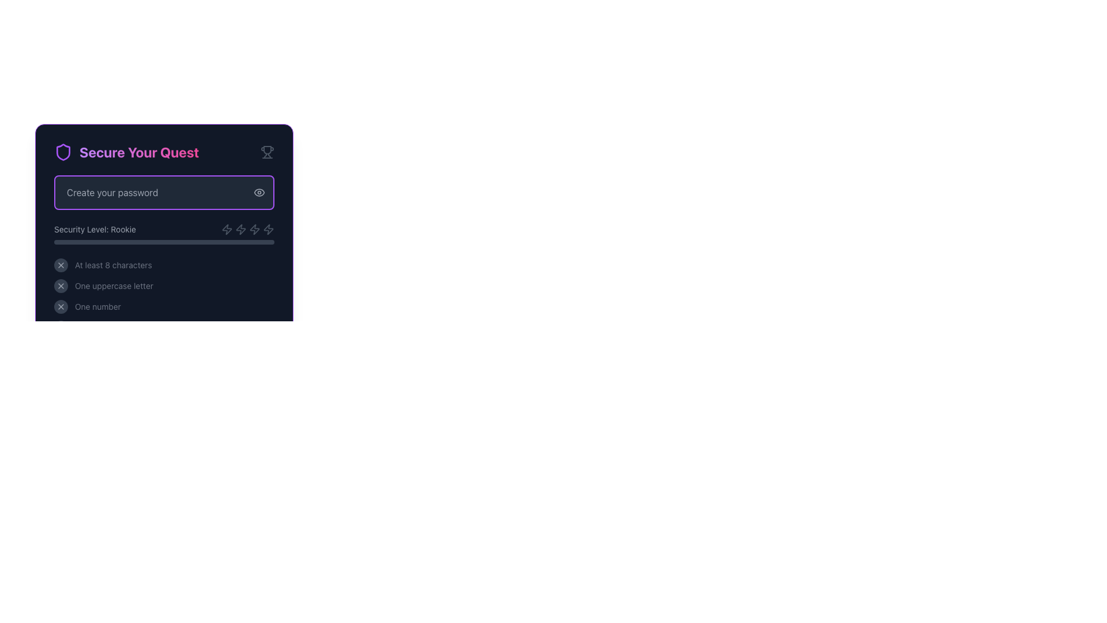  I want to click on the text label displaying 'Secure Your Quest' with a vibrant gradient font style transitioning from purple to pink, so click(138, 151).